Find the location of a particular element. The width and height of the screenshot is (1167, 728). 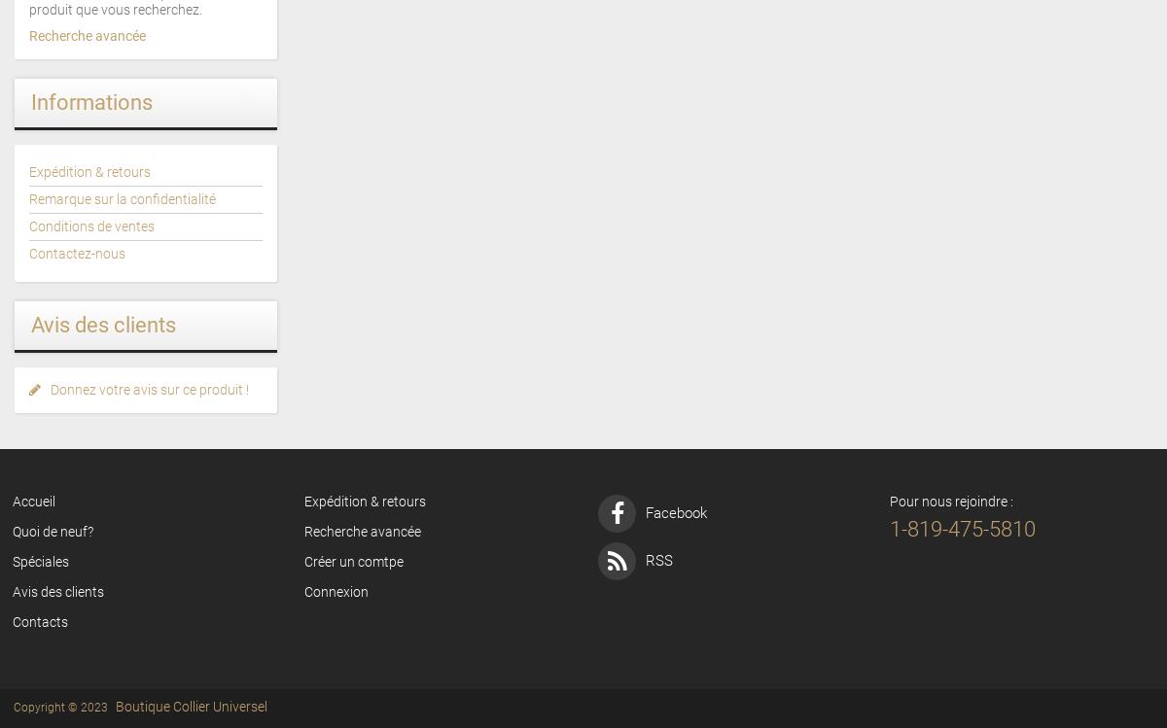

'Informations' is located at coordinates (91, 101).